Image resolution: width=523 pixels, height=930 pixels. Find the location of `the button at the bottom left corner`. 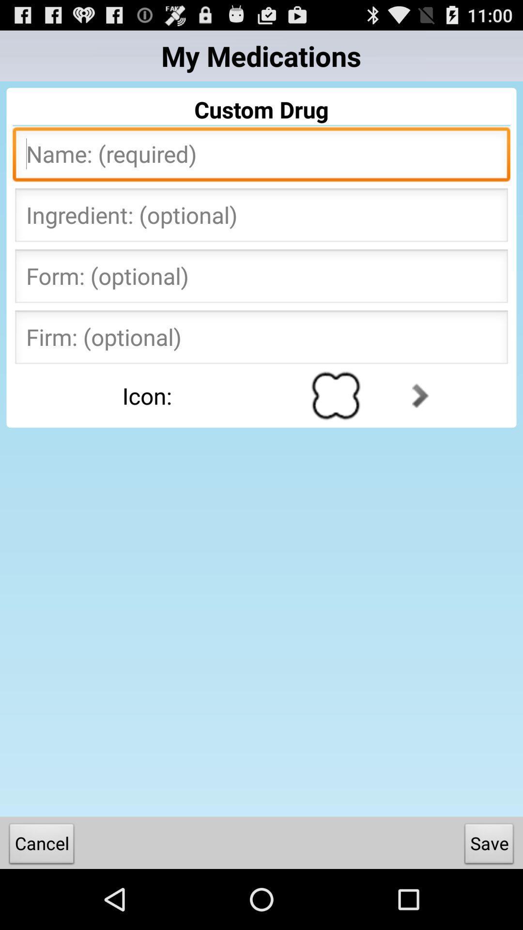

the button at the bottom left corner is located at coordinates (41, 845).